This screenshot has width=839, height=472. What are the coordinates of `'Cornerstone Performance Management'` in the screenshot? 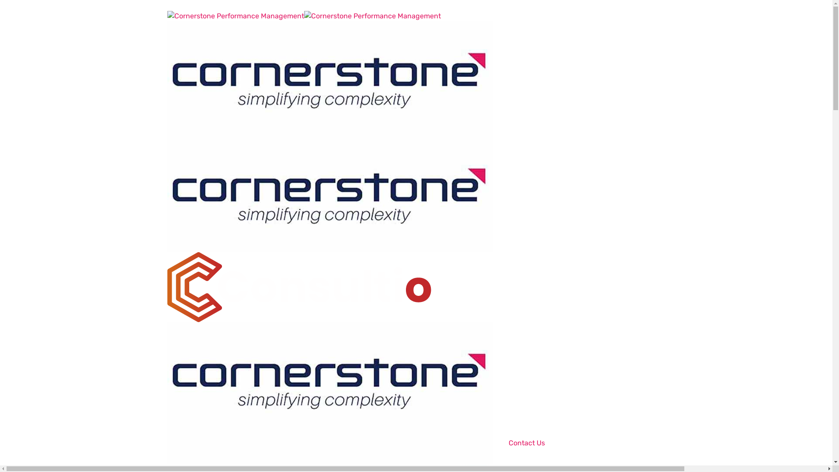 It's located at (329, 78).